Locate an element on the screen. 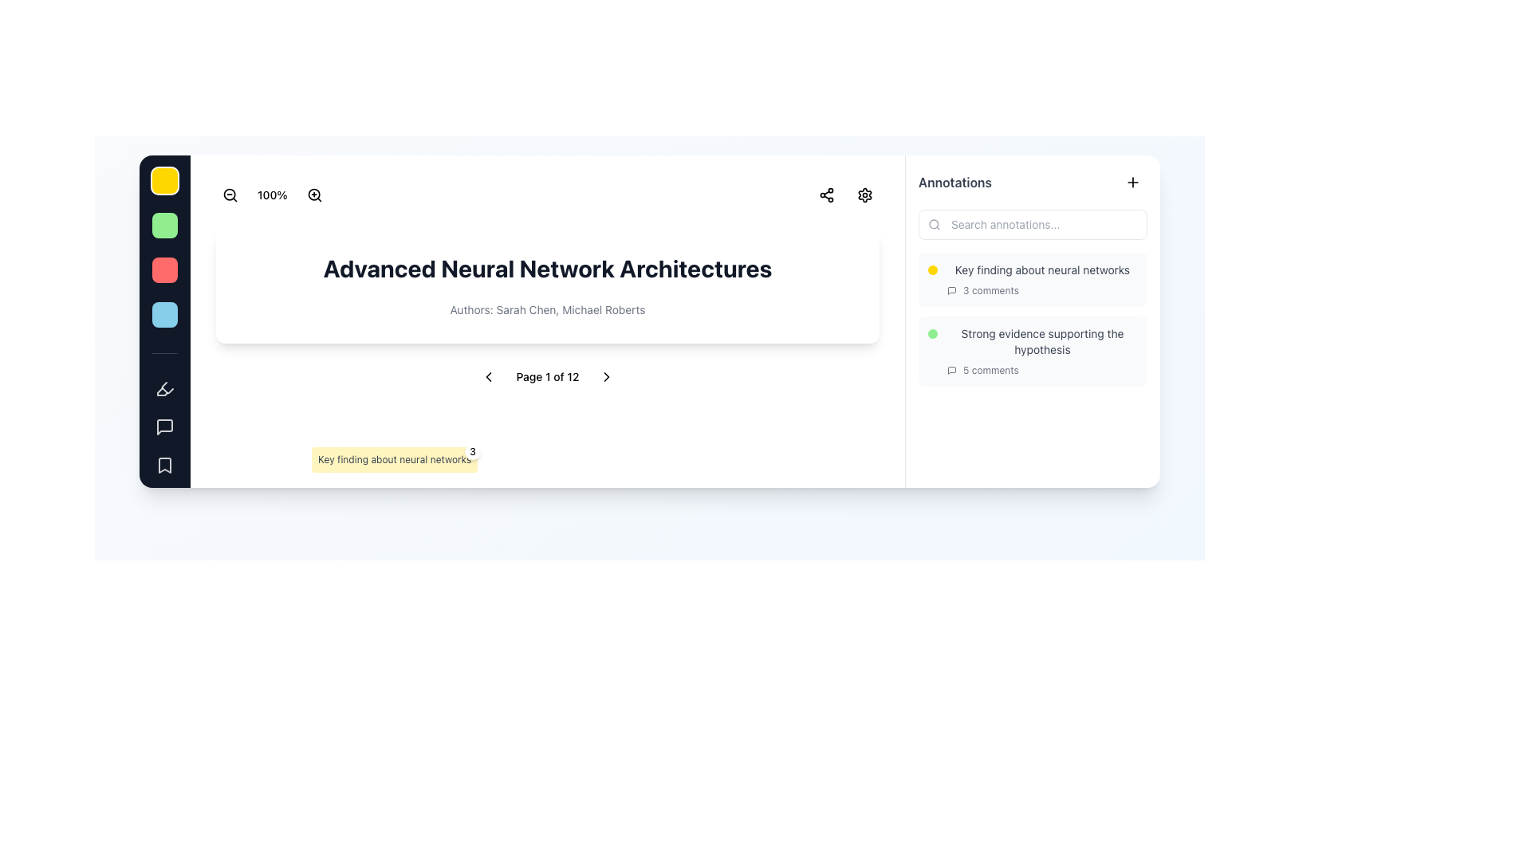 The image size is (1531, 861). the small circular light green indicator located to the left of the text 'Strong evidence supporting the hypothesis' is located at coordinates (933, 333).